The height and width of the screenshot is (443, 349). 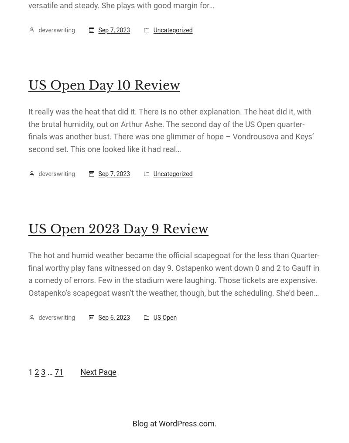 I want to click on 'Sep 6, 2023', so click(x=113, y=317).